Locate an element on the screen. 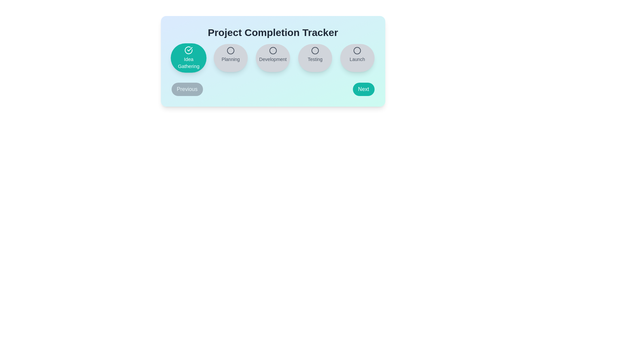 The width and height of the screenshot is (641, 360). the disabled button located at the bottom-left of the interface, which is used for navigating to the previous step in a sequence is located at coordinates (187, 89).